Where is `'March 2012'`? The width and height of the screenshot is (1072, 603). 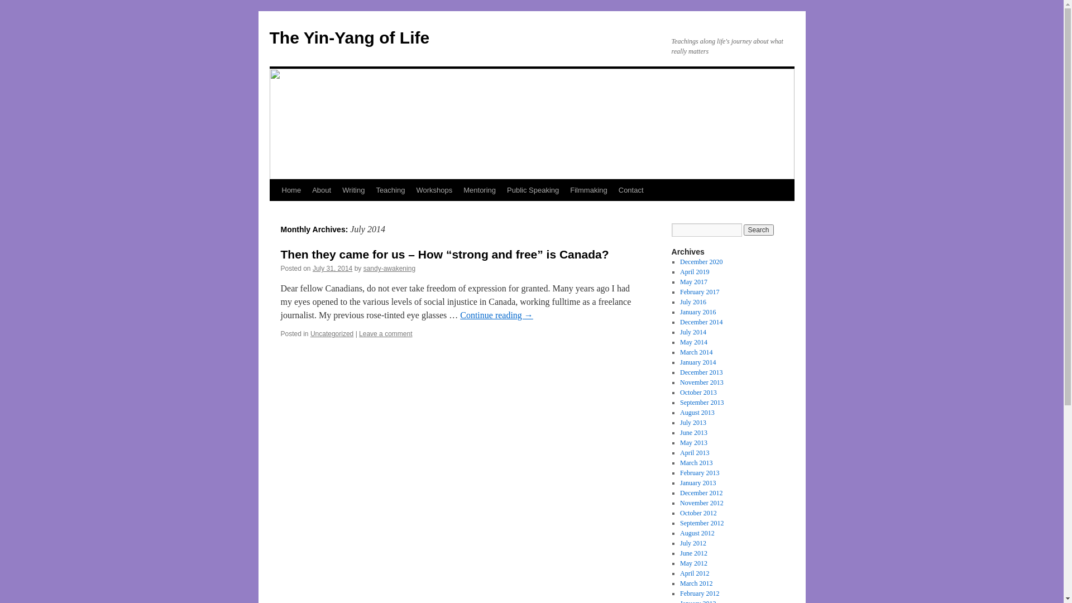 'March 2012' is located at coordinates (679, 583).